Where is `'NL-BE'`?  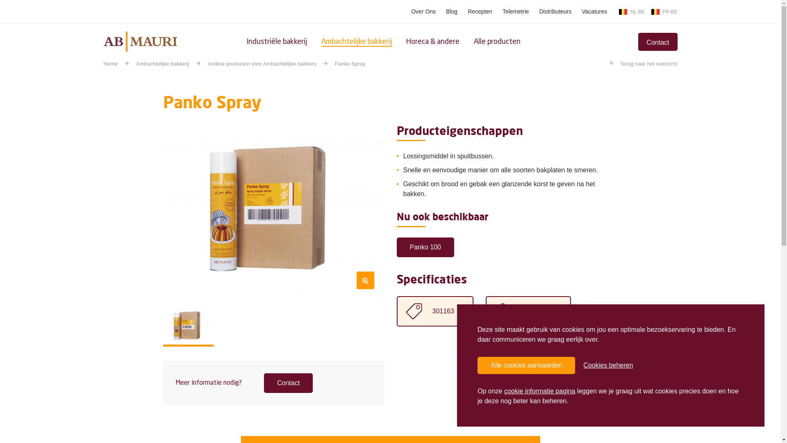
'NL-BE' is located at coordinates (631, 11).